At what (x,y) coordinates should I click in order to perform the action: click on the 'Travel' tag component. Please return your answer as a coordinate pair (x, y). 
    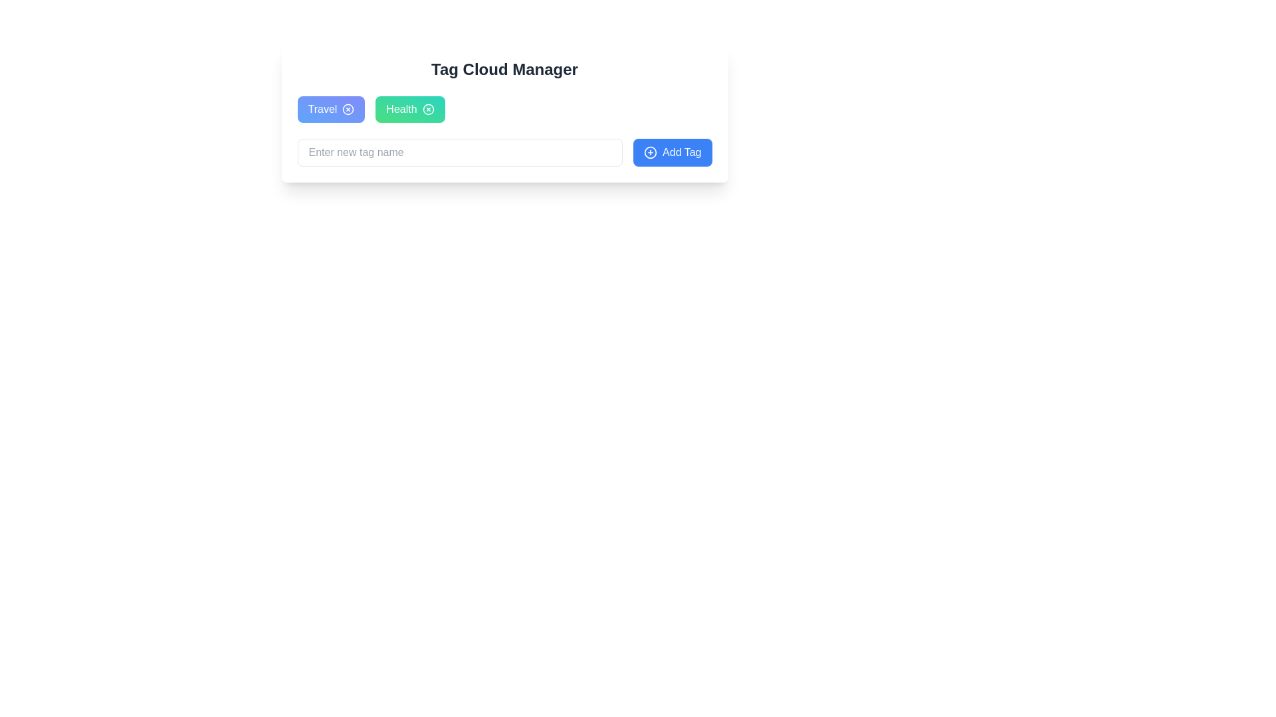
    Looking at the image, I should click on (331, 109).